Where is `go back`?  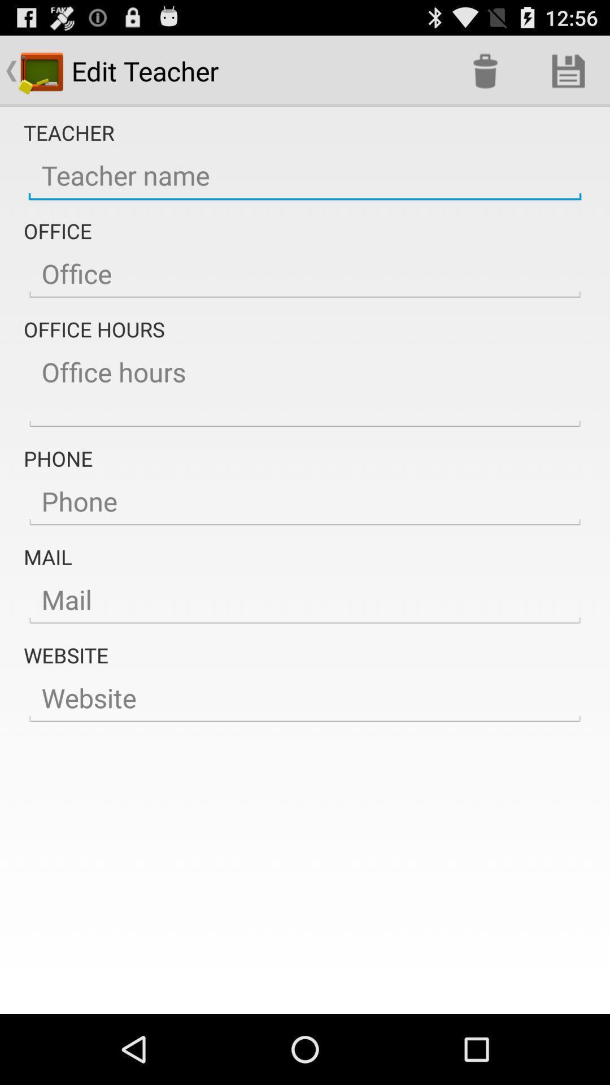 go back is located at coordinates (305, 599).